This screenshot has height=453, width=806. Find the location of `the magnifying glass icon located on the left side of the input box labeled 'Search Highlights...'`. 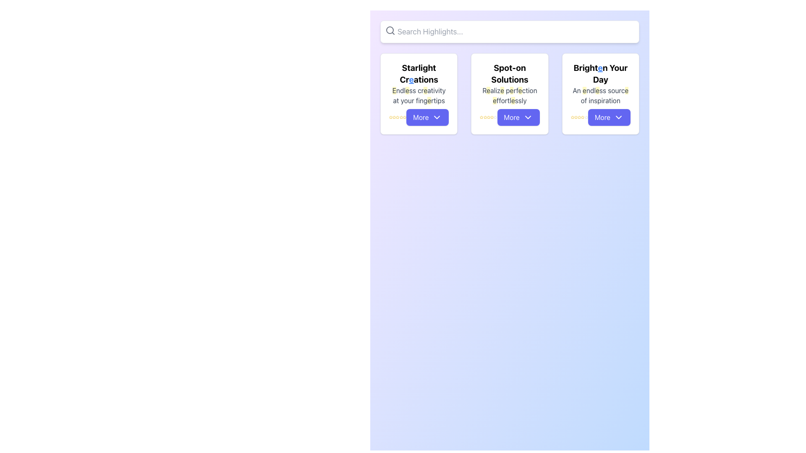

the magnifying glass icon located on the left side of the input box labeled 'Search Highlights...' is located at coordinates (390, 30).